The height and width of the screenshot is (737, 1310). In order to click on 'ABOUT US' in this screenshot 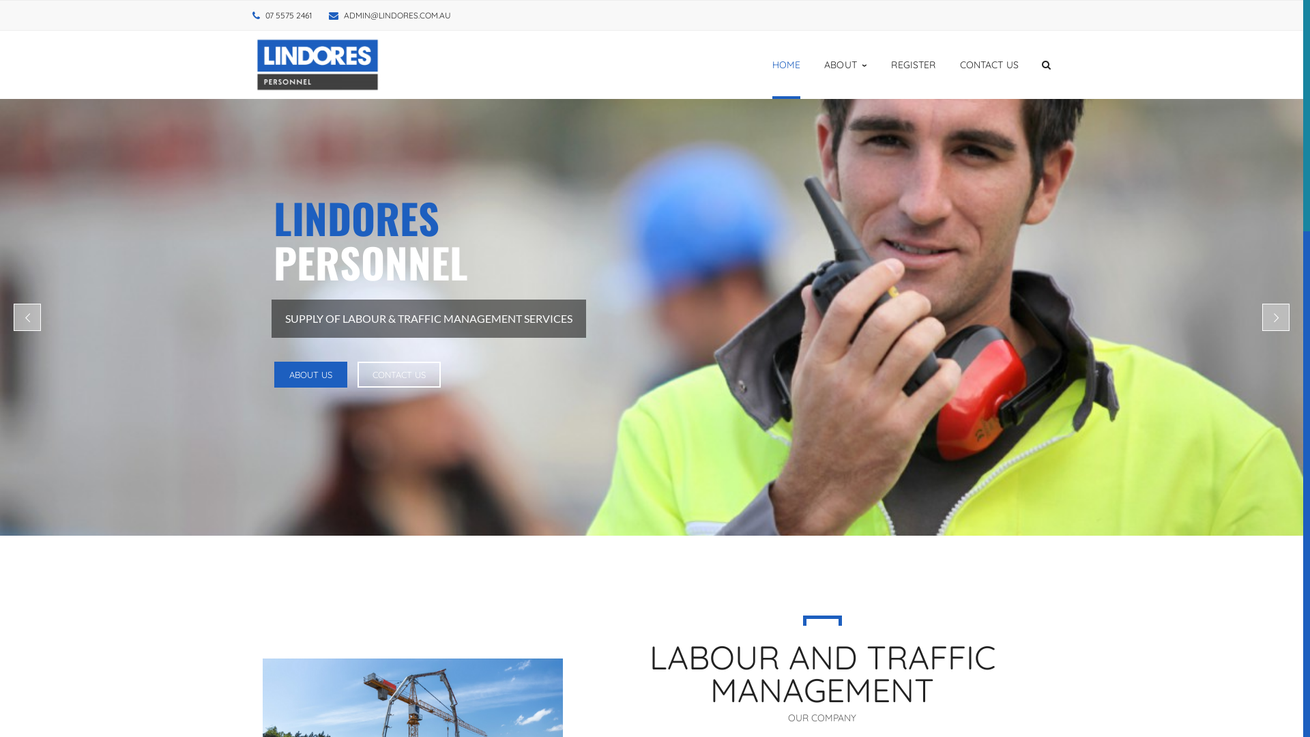, I will do `click(310, 374)`.